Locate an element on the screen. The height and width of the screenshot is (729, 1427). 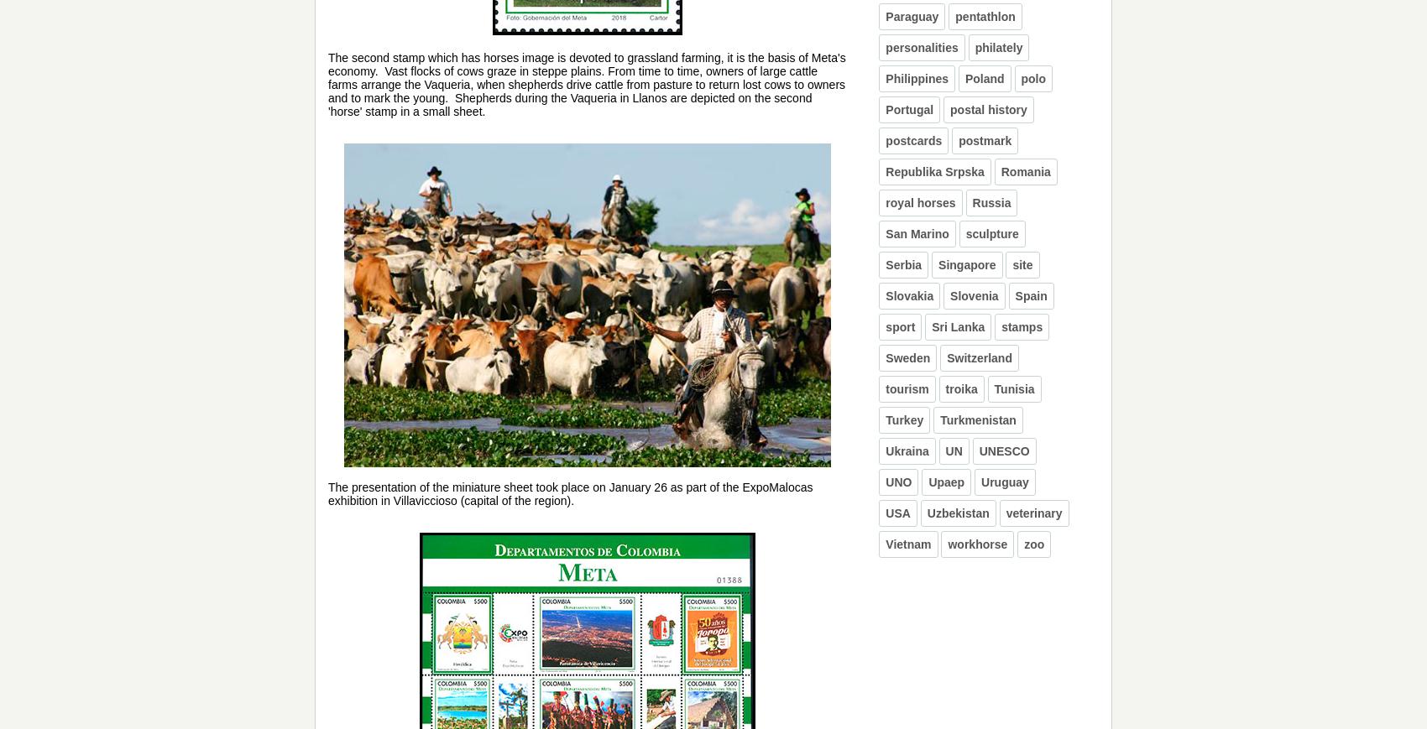
'postmark' is located at coordinates (984, 139).